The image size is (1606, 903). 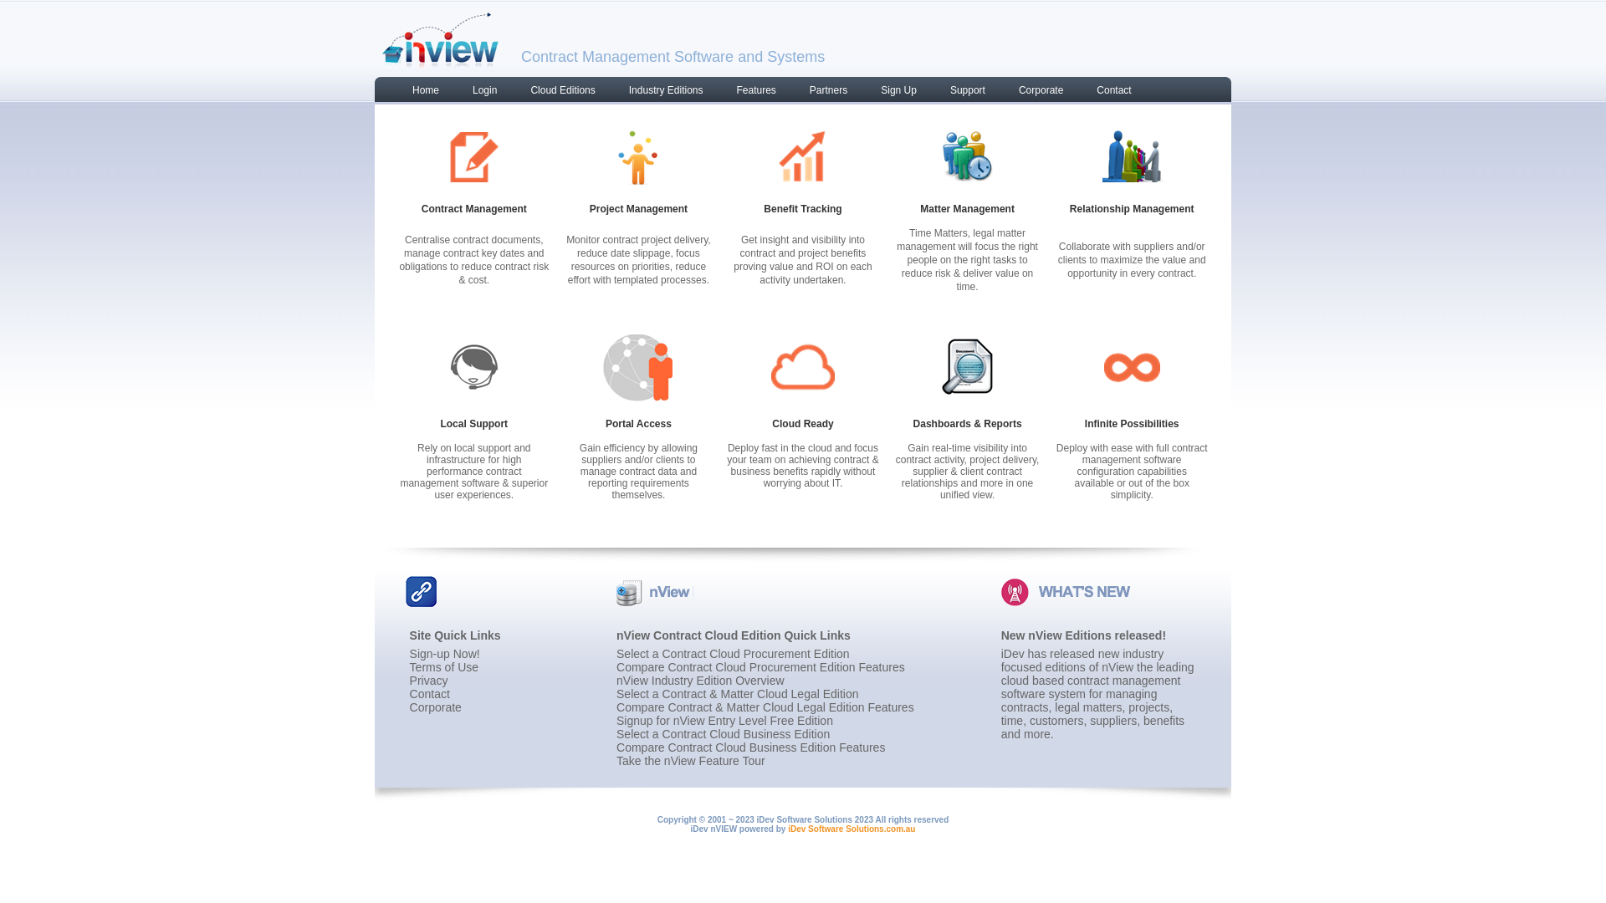 What do you see at coordinates (445, 653) in the screenshot?
I see `'Sign-up Now!'` at bounding box center [445, 653].